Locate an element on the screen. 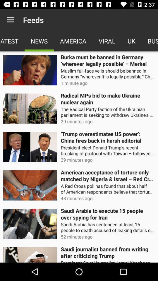  icon next to feeds icon is located at coordinates (11, 20).